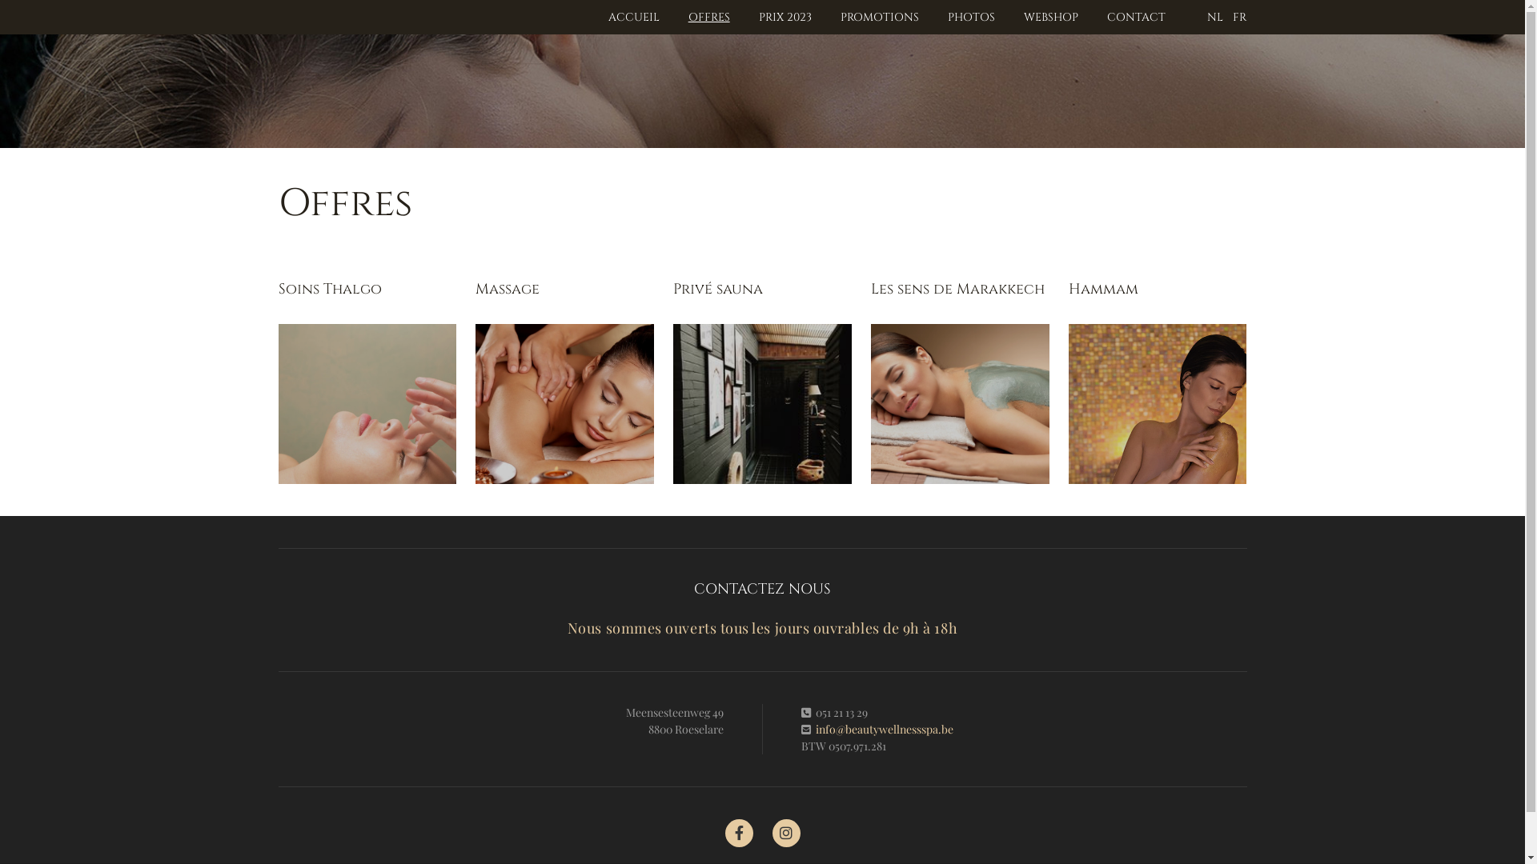 This screenshot has width=1537, height=864. What do you see at coordinates (1238, 17) in the screenshot?
I see `'FR'` at bounding box center [1238, 17].